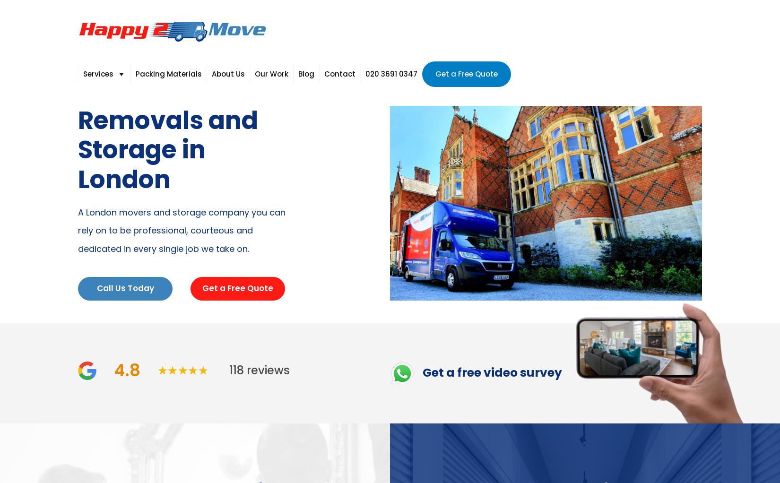 This screenshot has width=780, height=483. I want to click on 'Office Moves', so click(190, 167).